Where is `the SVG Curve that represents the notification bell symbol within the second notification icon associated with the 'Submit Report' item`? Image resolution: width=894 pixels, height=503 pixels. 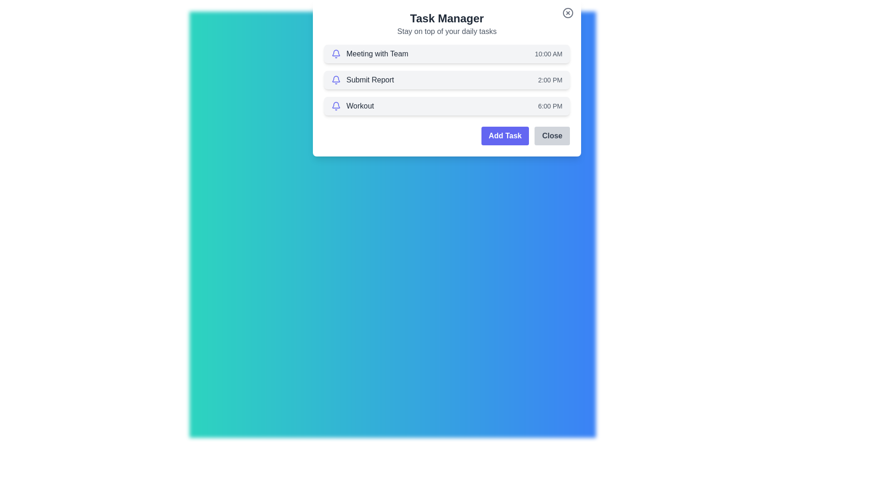 the SVG Curve that represents the notification bell symbol within the second notification icon associated with the 'Submit Report' item is located at coordinates (335, 78).